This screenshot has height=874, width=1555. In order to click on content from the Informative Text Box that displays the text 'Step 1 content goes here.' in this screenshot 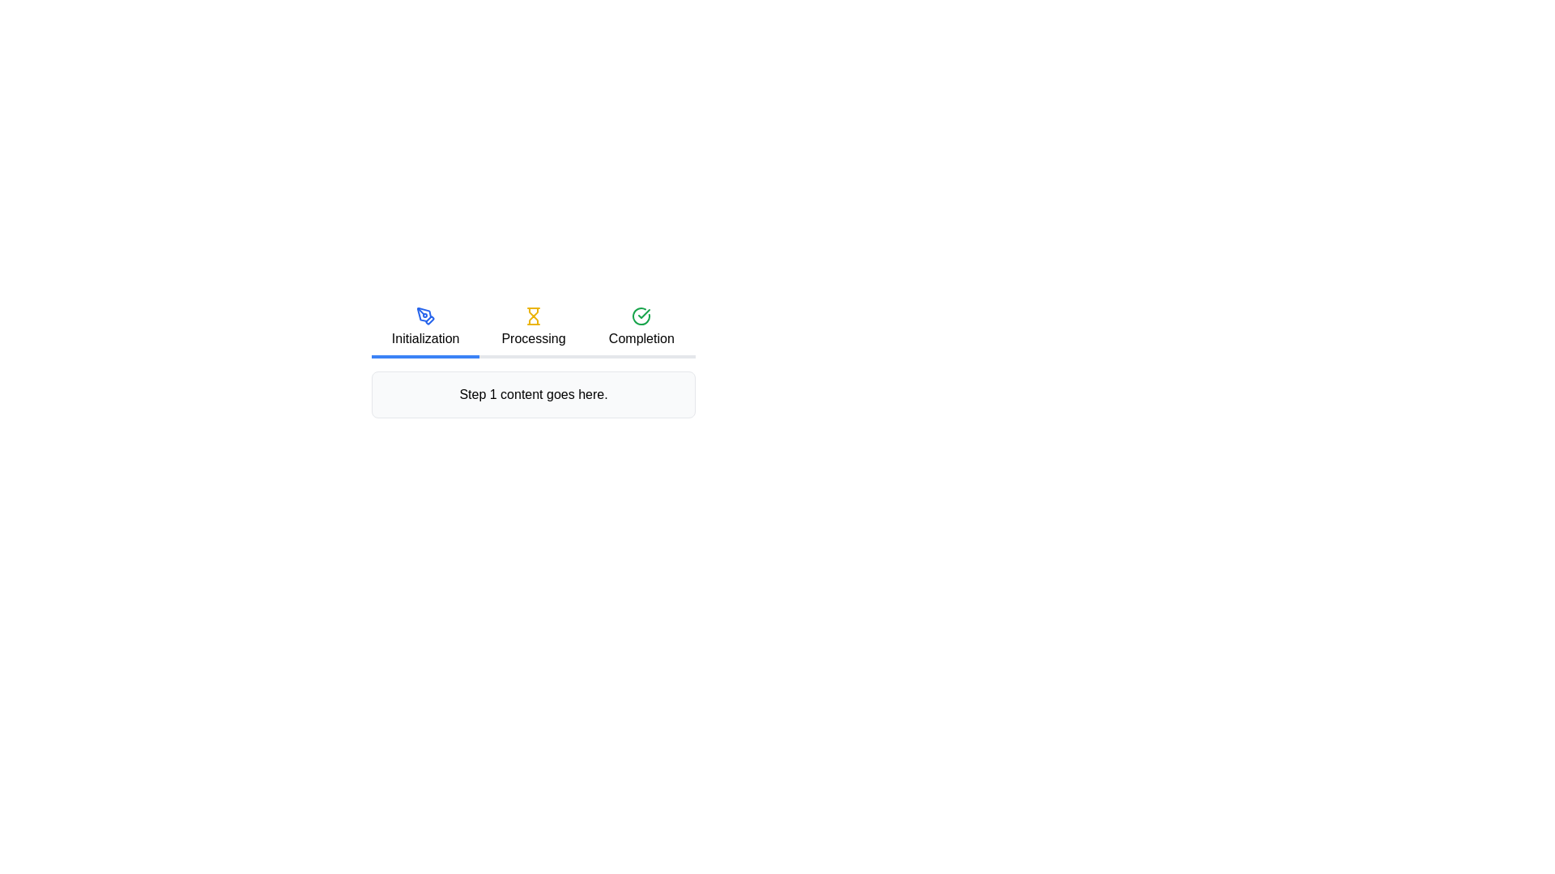, I will do `click(533, 395)`.